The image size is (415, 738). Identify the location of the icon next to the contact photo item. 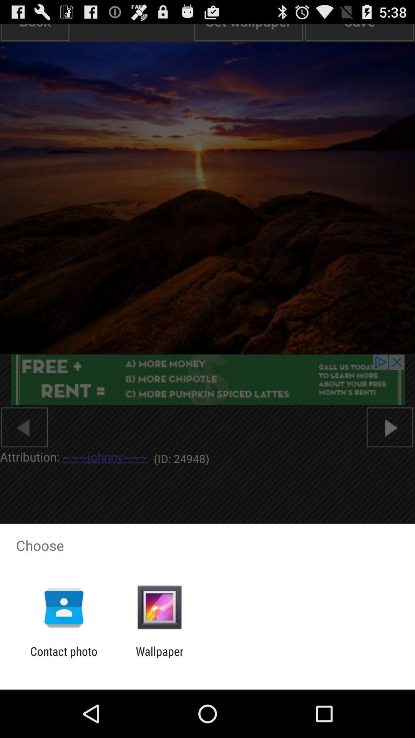
(159, 658).